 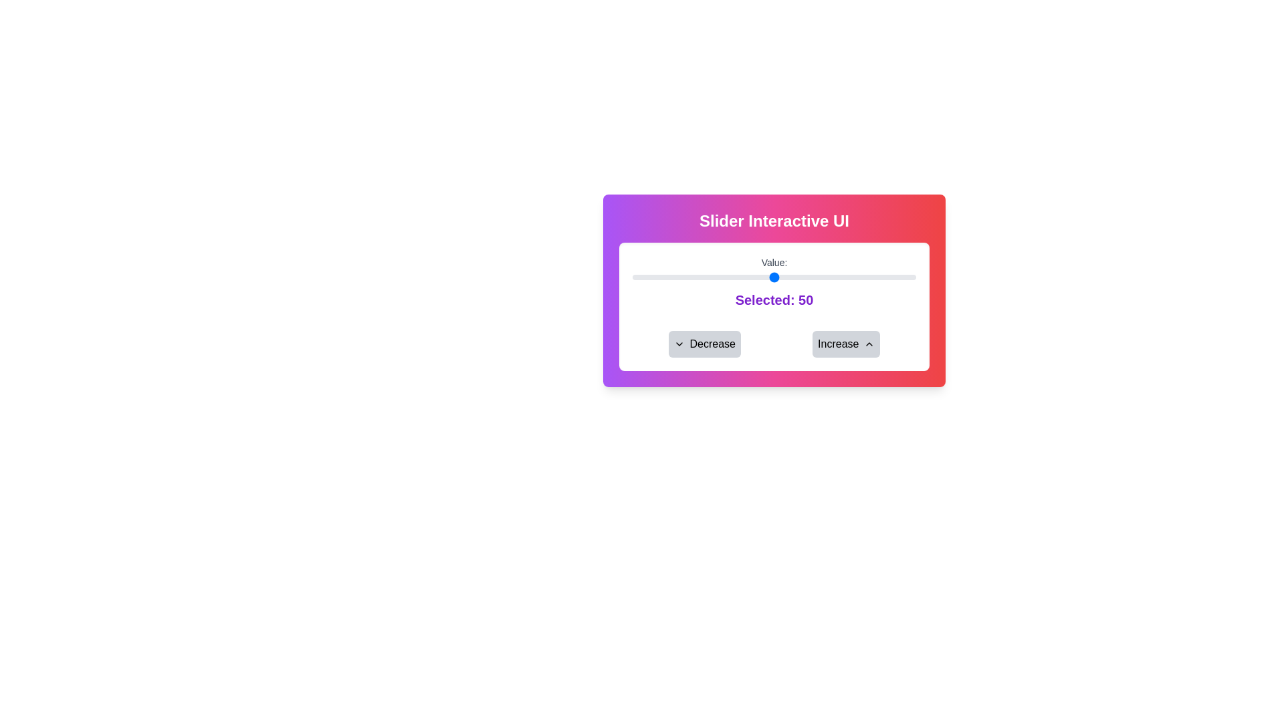 What do you see at coordinates (833, 277) in the screenshot?
I see `slider value` at bounding box center [833, 277].